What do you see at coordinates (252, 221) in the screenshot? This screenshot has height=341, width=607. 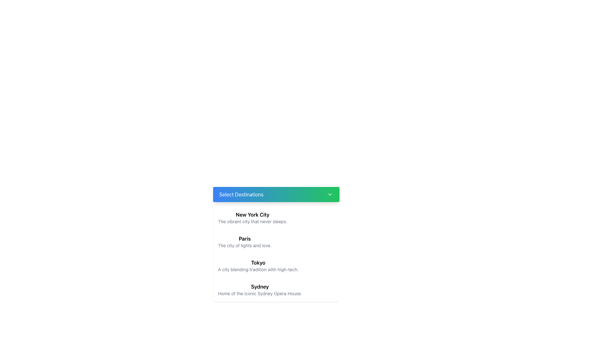 I see `the static text label that provides additional information about 'New York City', located below the text 'New York City' in the vertical list` at bounding box center [252, 221].